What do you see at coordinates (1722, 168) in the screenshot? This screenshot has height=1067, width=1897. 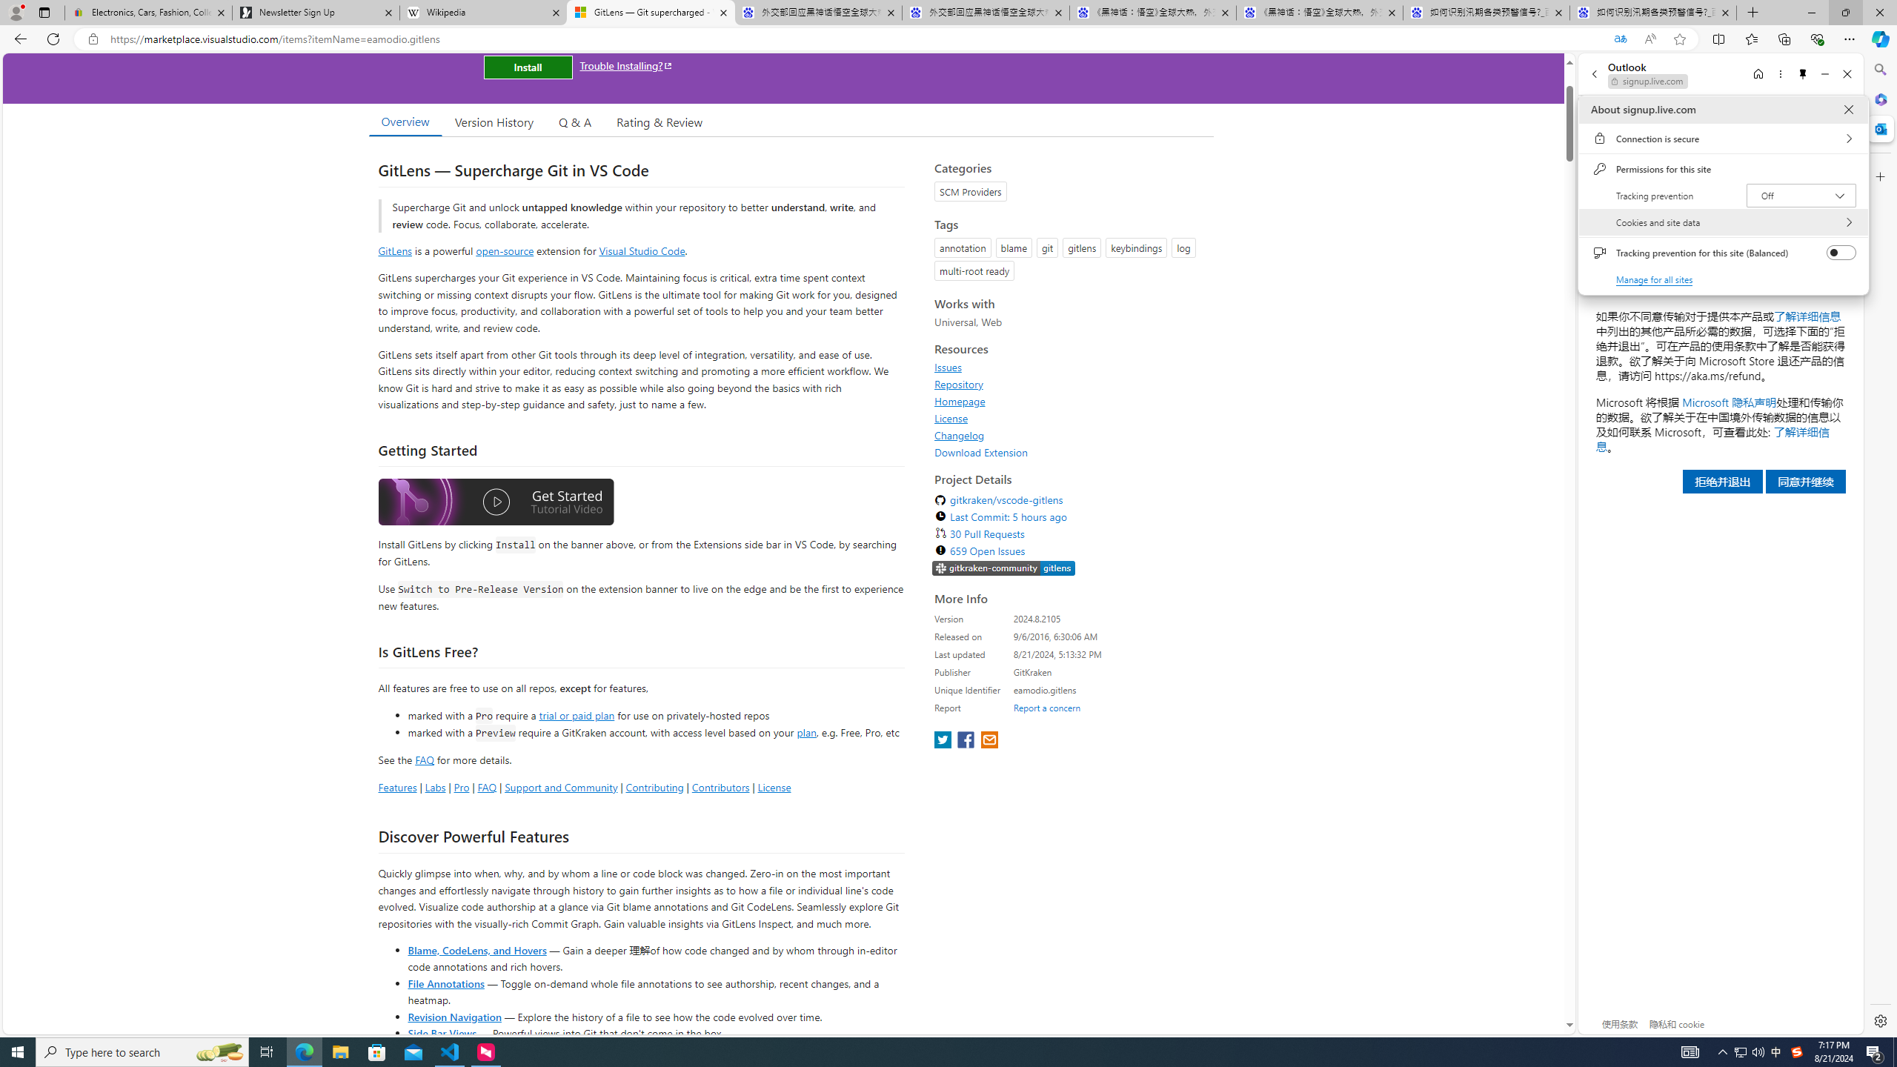 I see `'Permissions for this site'` at bounding box center [1722, 168].